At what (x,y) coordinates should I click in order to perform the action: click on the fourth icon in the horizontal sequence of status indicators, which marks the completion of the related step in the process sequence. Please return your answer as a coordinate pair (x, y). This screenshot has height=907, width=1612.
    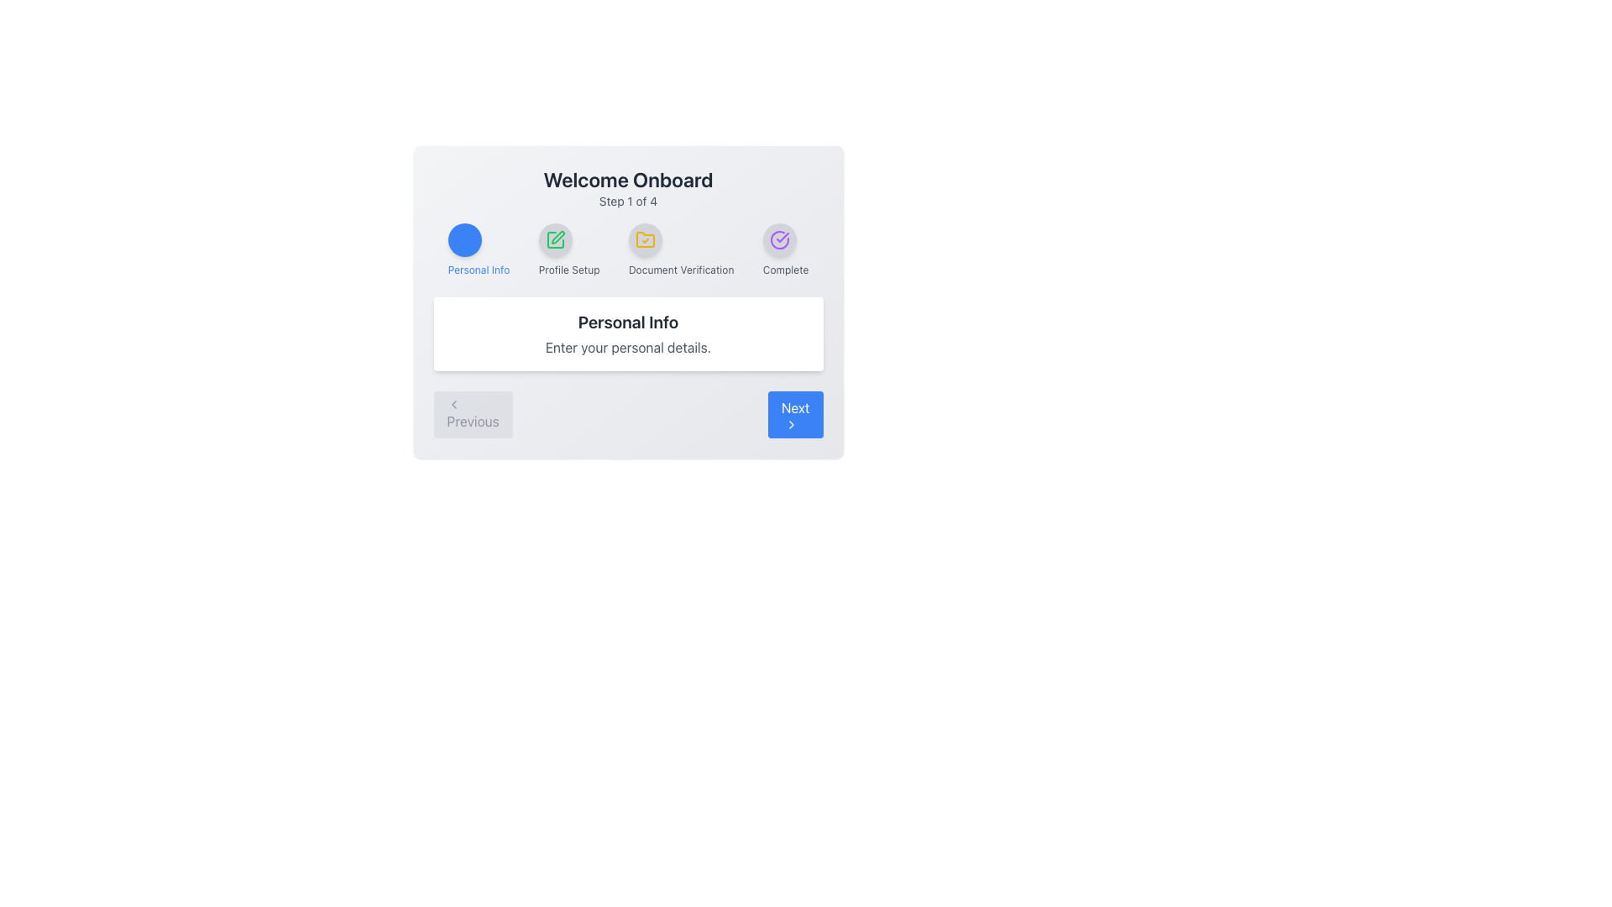
    Looking at the image, I should click on (778, 239).